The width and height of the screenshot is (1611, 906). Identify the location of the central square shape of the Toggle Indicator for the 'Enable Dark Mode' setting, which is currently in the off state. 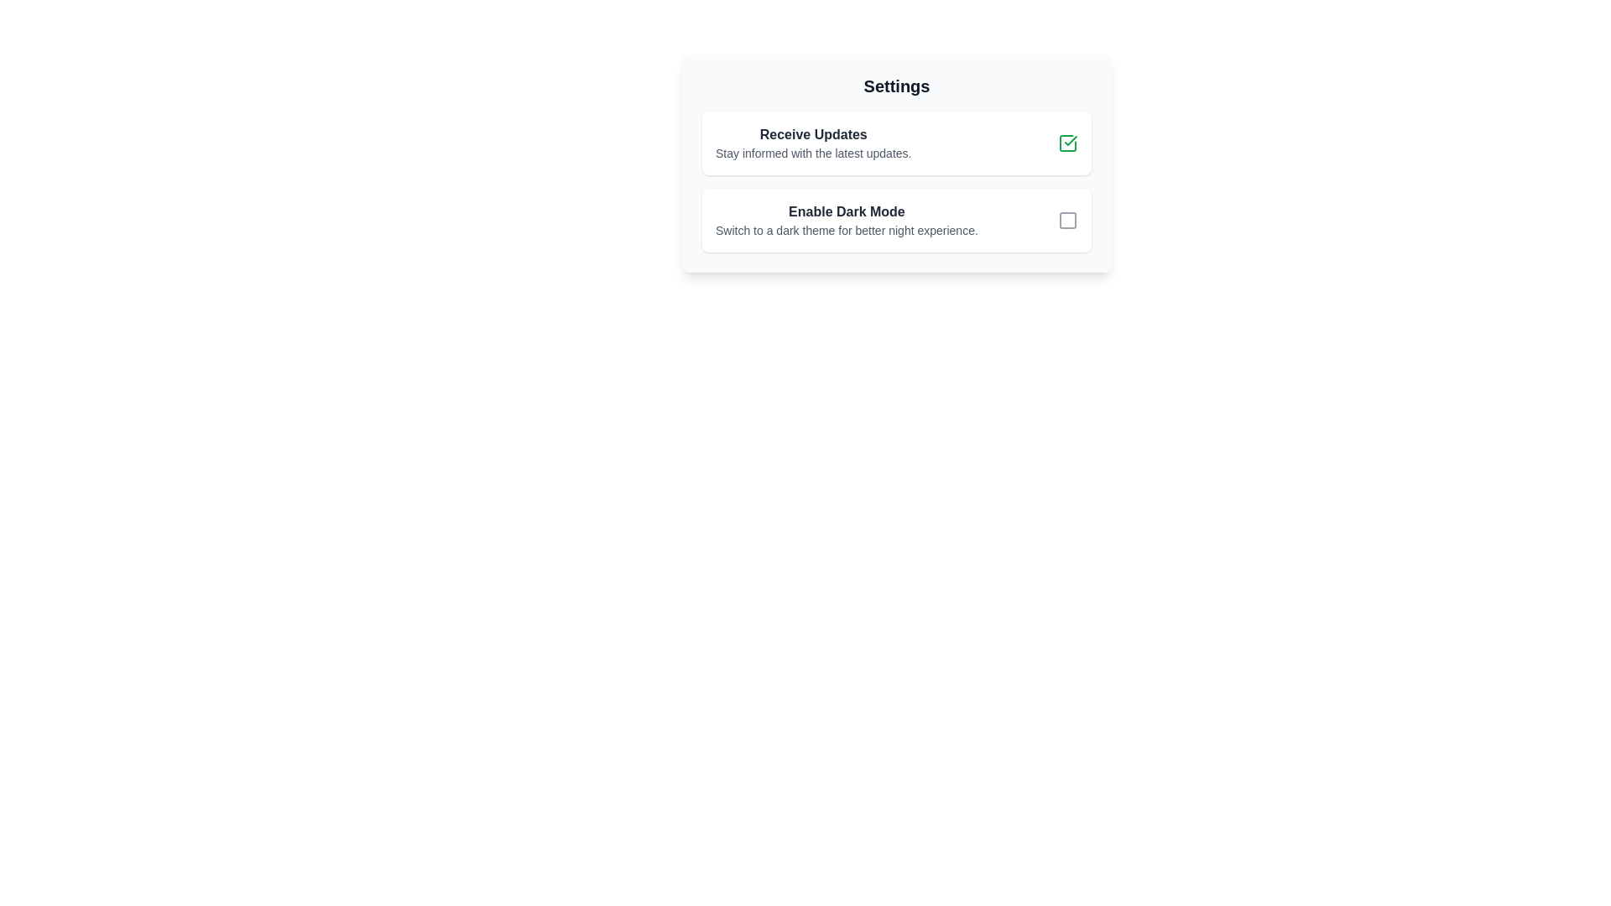
(1066, 219).